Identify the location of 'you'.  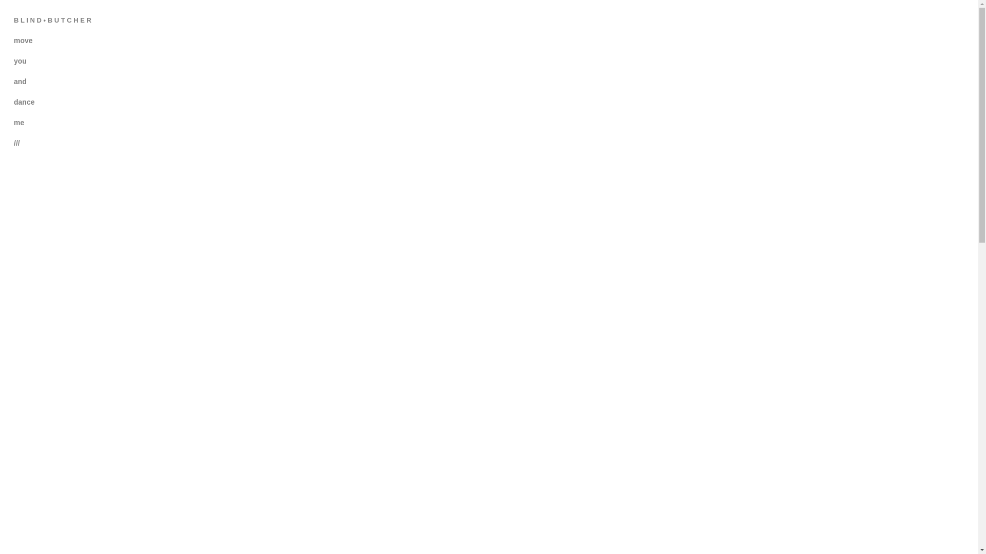
(20, 61).